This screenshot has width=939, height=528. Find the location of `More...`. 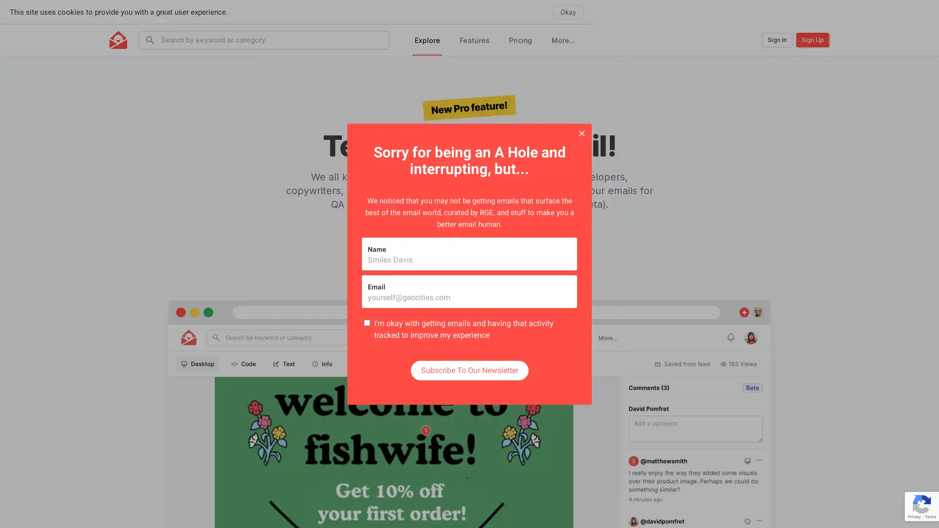

More... is located at coordinates (563, 39).